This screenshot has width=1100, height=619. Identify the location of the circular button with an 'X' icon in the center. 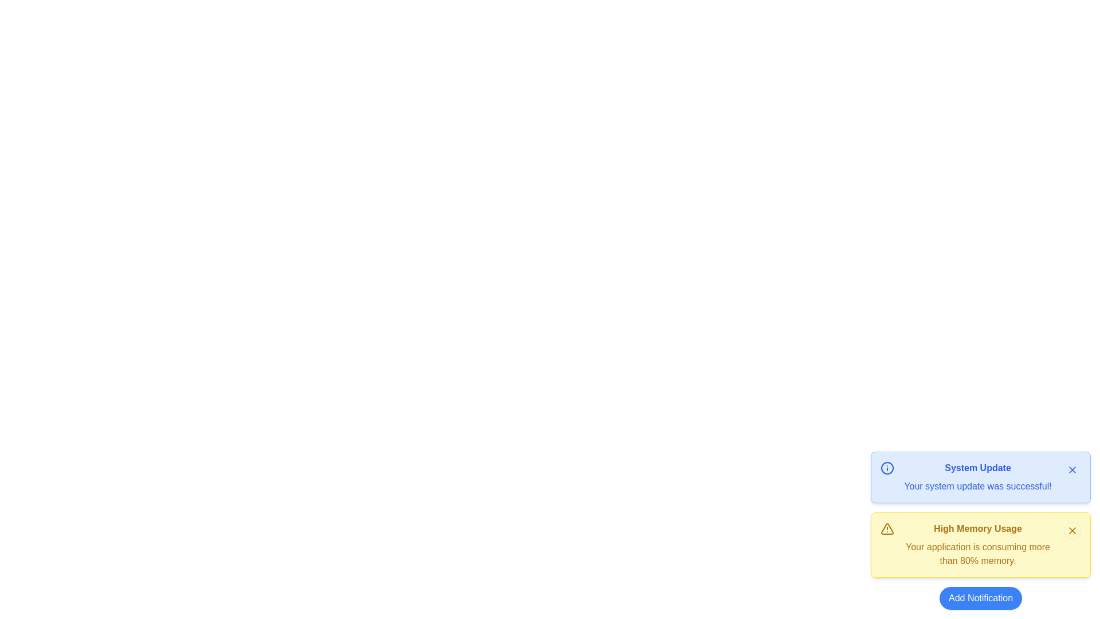
(1072, 470).